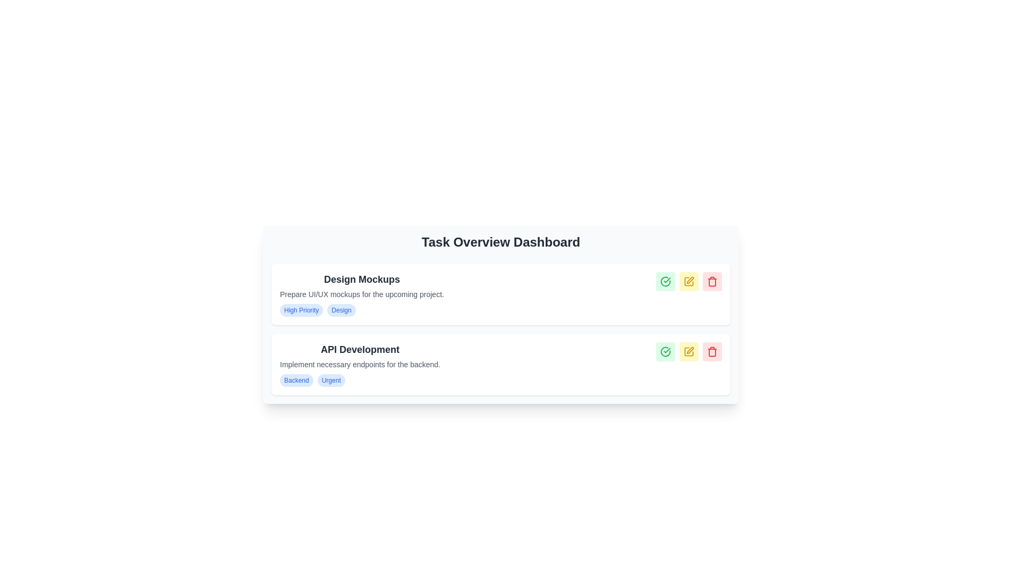 Image resolution: width=1020 pixels, height=574 pixels. I want to click on the Trash Bin icon representing the delete function for the 'API Development' task, which is the last icon in a group of three on the right-hand side, so click(712, 352).